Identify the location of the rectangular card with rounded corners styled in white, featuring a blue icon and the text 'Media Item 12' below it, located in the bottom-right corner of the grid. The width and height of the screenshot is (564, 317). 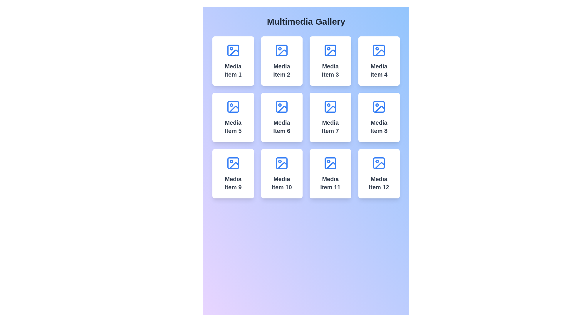
(379, 173).